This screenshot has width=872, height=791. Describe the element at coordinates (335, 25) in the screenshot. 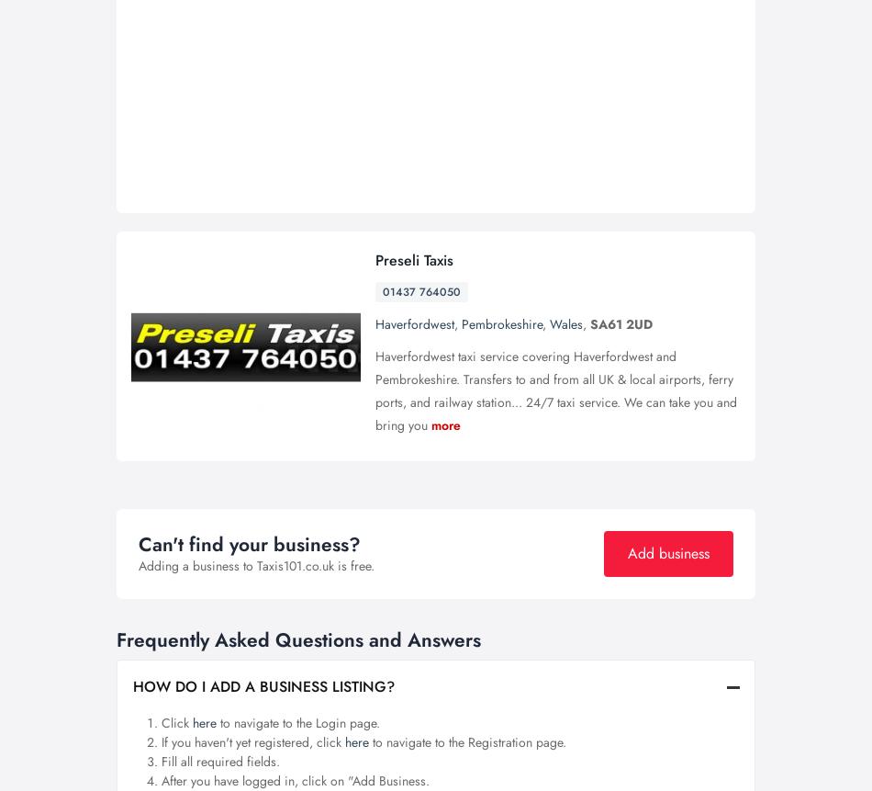

I see `'Home'` at that location.